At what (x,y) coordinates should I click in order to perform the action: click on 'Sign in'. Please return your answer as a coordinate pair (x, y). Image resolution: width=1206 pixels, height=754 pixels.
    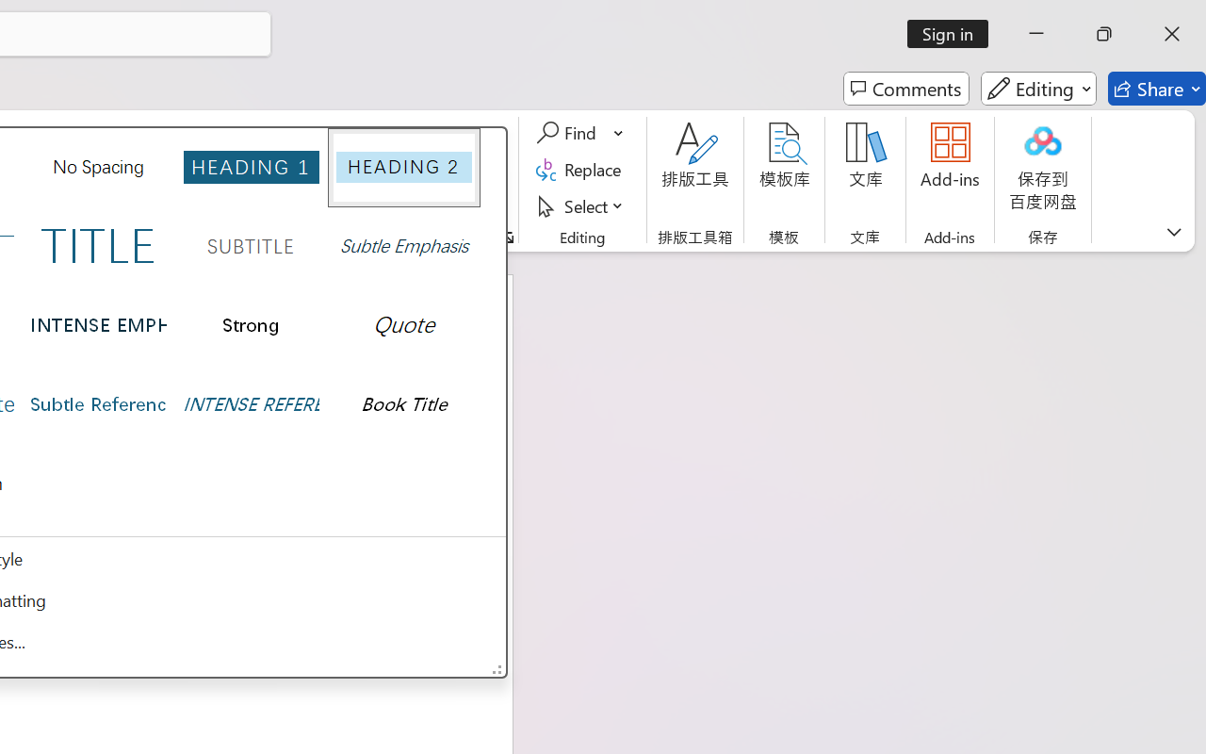
    Looking at the image, I should click on (954, 33).